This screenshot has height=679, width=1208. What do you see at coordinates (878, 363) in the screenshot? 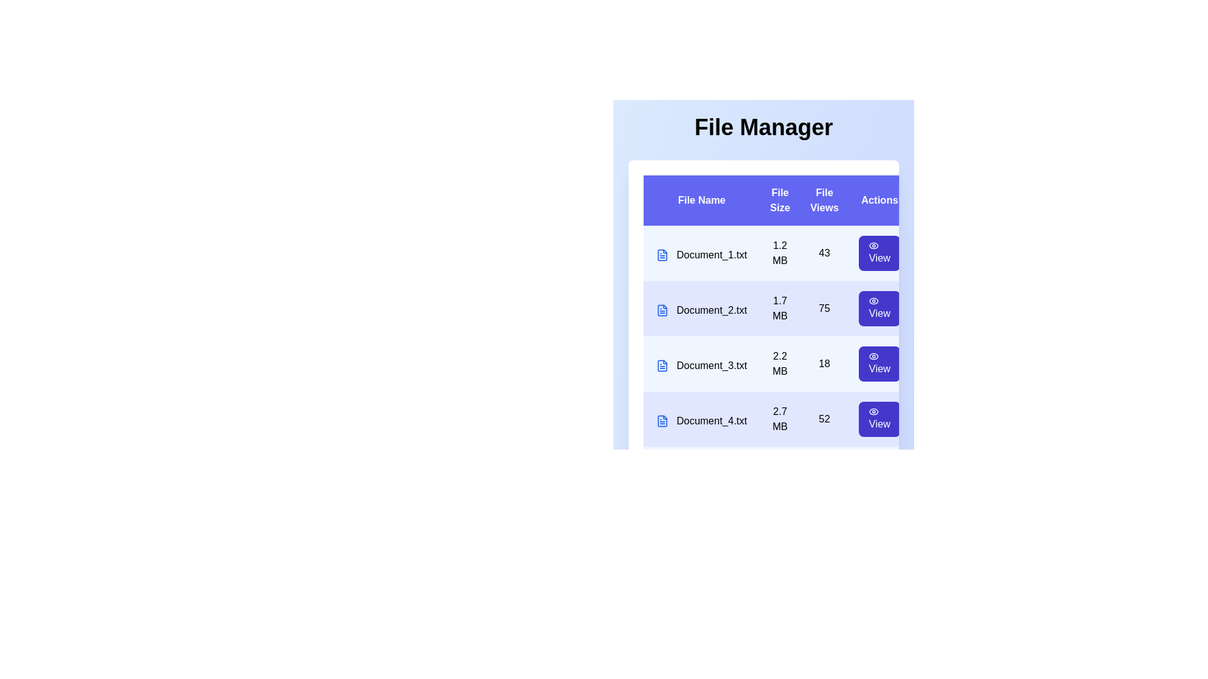
I see `the 'View' button for the file with name Document_3.txt` at bounding box center [878, 363].